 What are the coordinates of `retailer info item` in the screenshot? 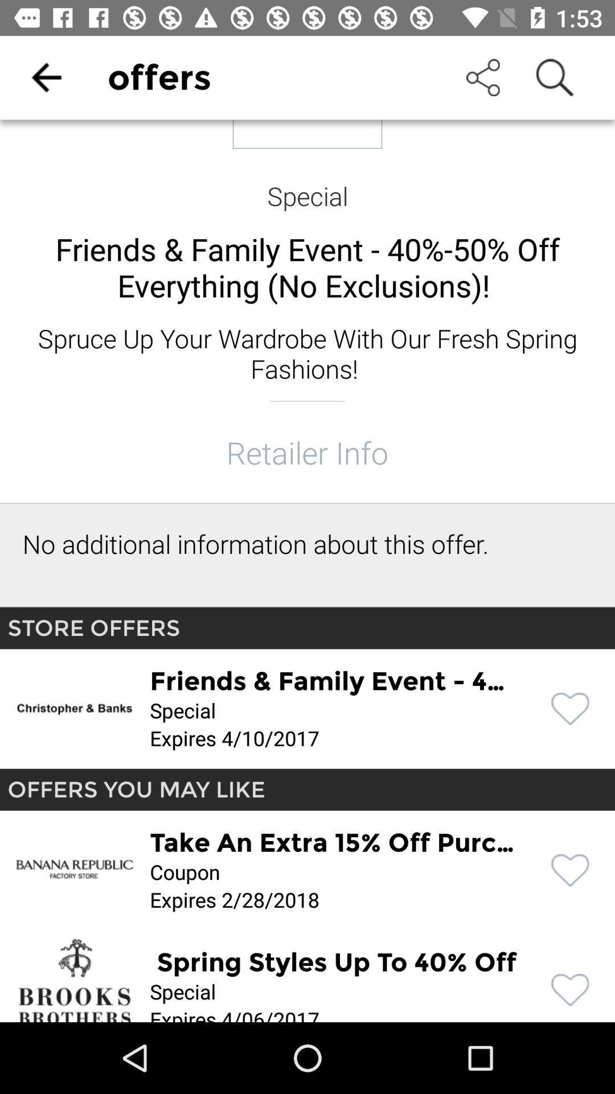 It's located at (306, 451).